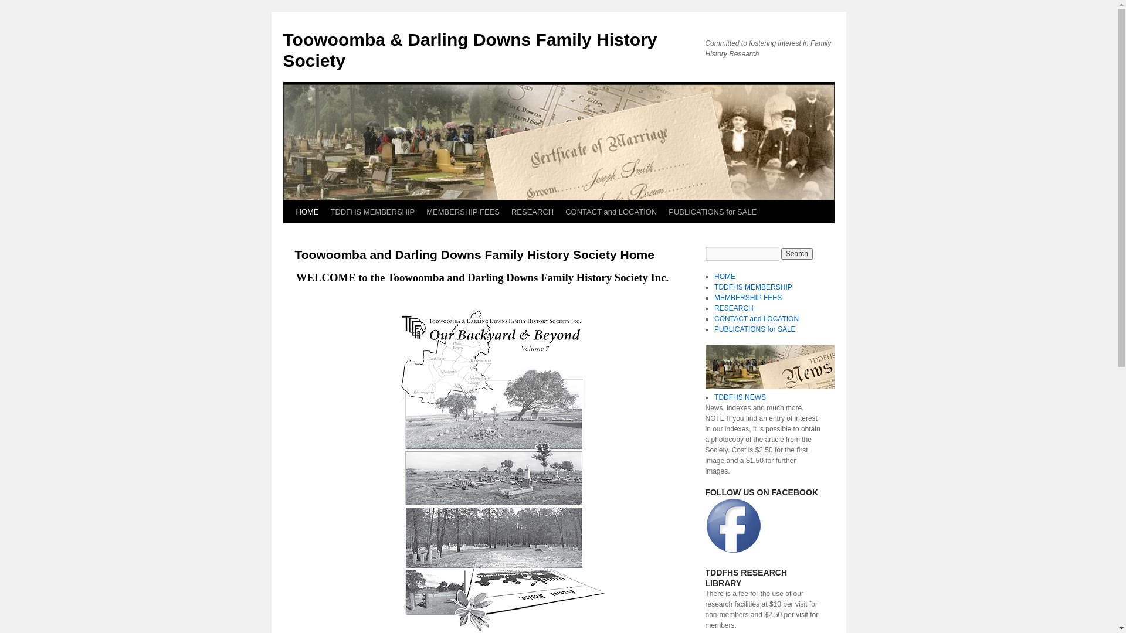 The width and height of the screenshot is (1126, 633). What do you see at coordinates (733, 307) in the screenshot?
I see `'RESEARCH'` at bounding box center [733, 307].